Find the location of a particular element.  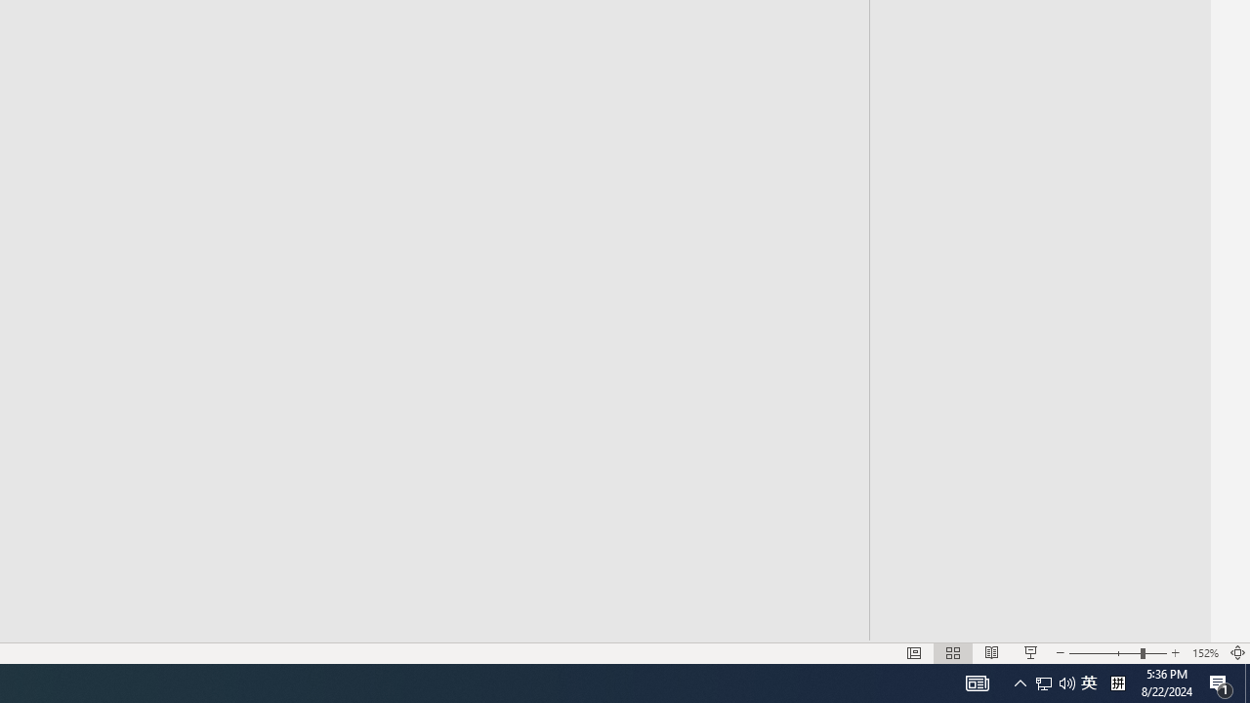

'Zoom 152%' is located at coordinates (1204, 653).